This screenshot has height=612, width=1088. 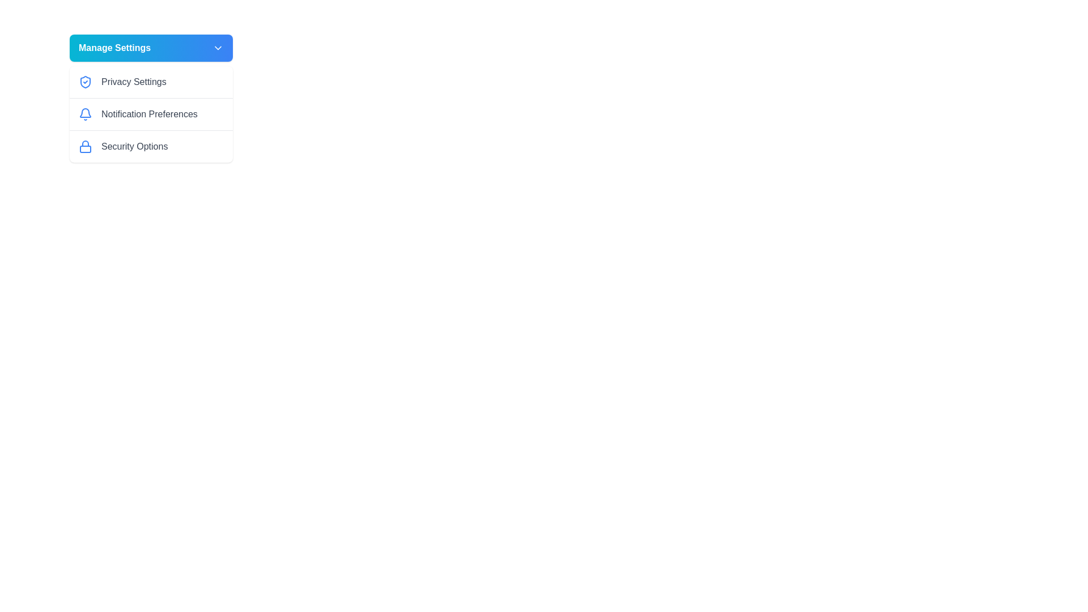 What do you see at coordinates (134, 82) in the screenshot?
I see `'Privacy Settings' text label located as the first option under the 'Manage Settings' dropdown menu, adjacent to a blue shield icon` at bounding box center [134, 82].